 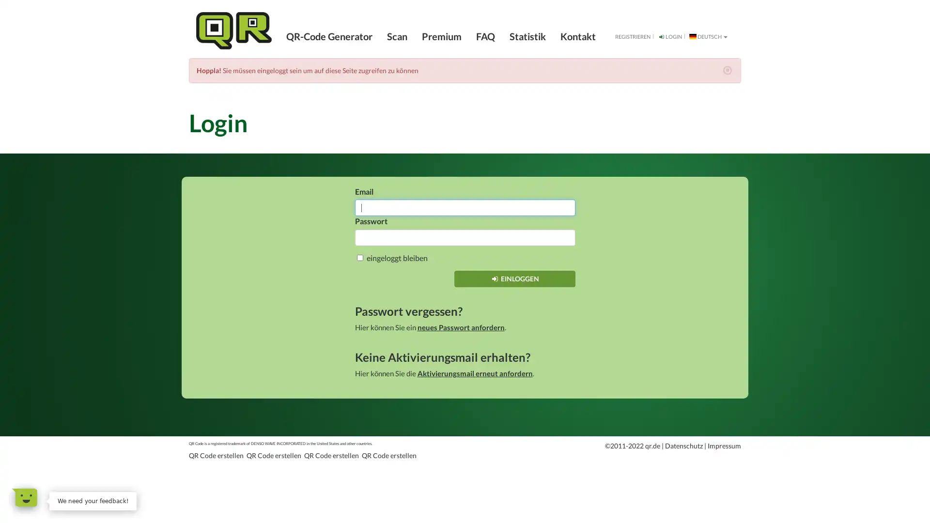 I want to click on Dismiss Message, so click(x=135, y=492).